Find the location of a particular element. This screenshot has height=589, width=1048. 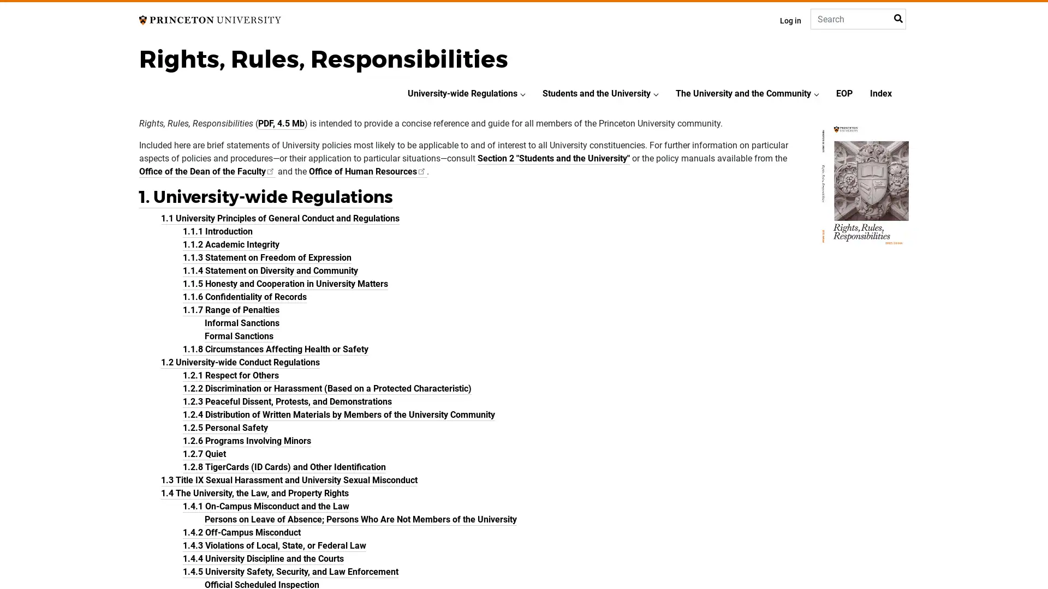

The University and the CommunitySubmenu is located at coordinates (817, 94).